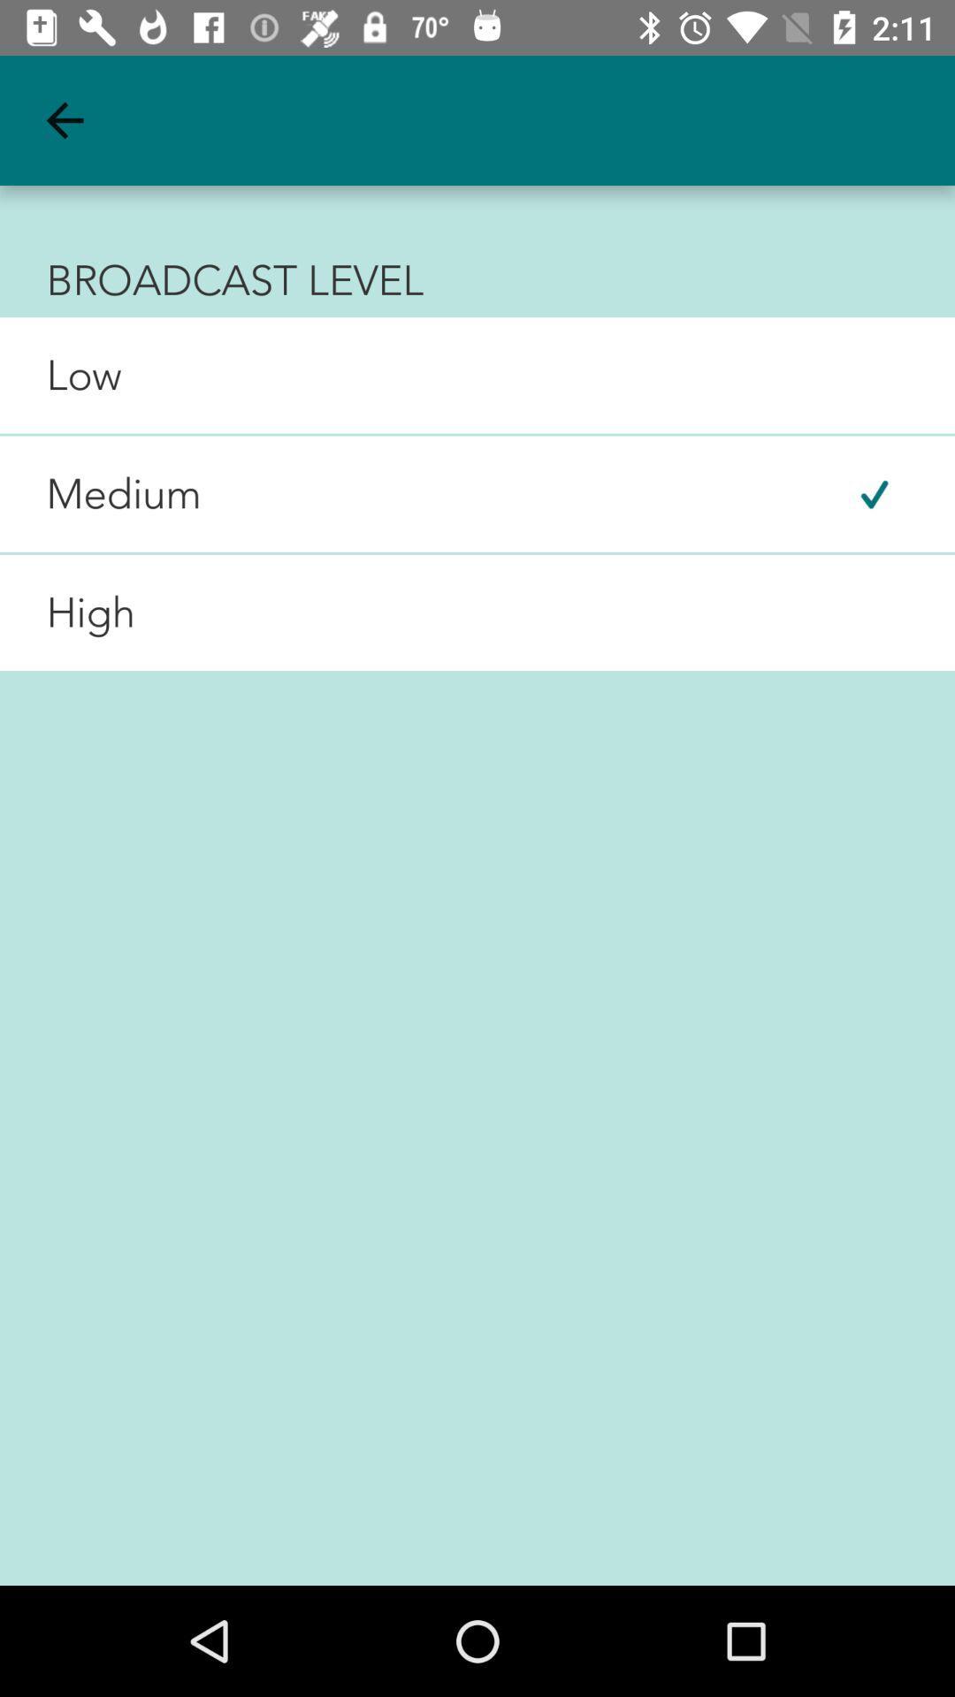 The height and width of the screenshot is (1697, 955). I want to click on the item next to the medium, so click(873, 494).